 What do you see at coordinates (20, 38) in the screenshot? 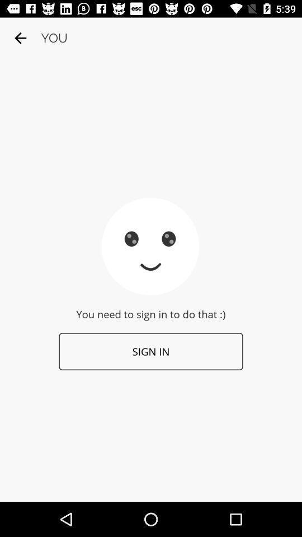
I see `the icon above the you need to` at bounding box center [20, 38].